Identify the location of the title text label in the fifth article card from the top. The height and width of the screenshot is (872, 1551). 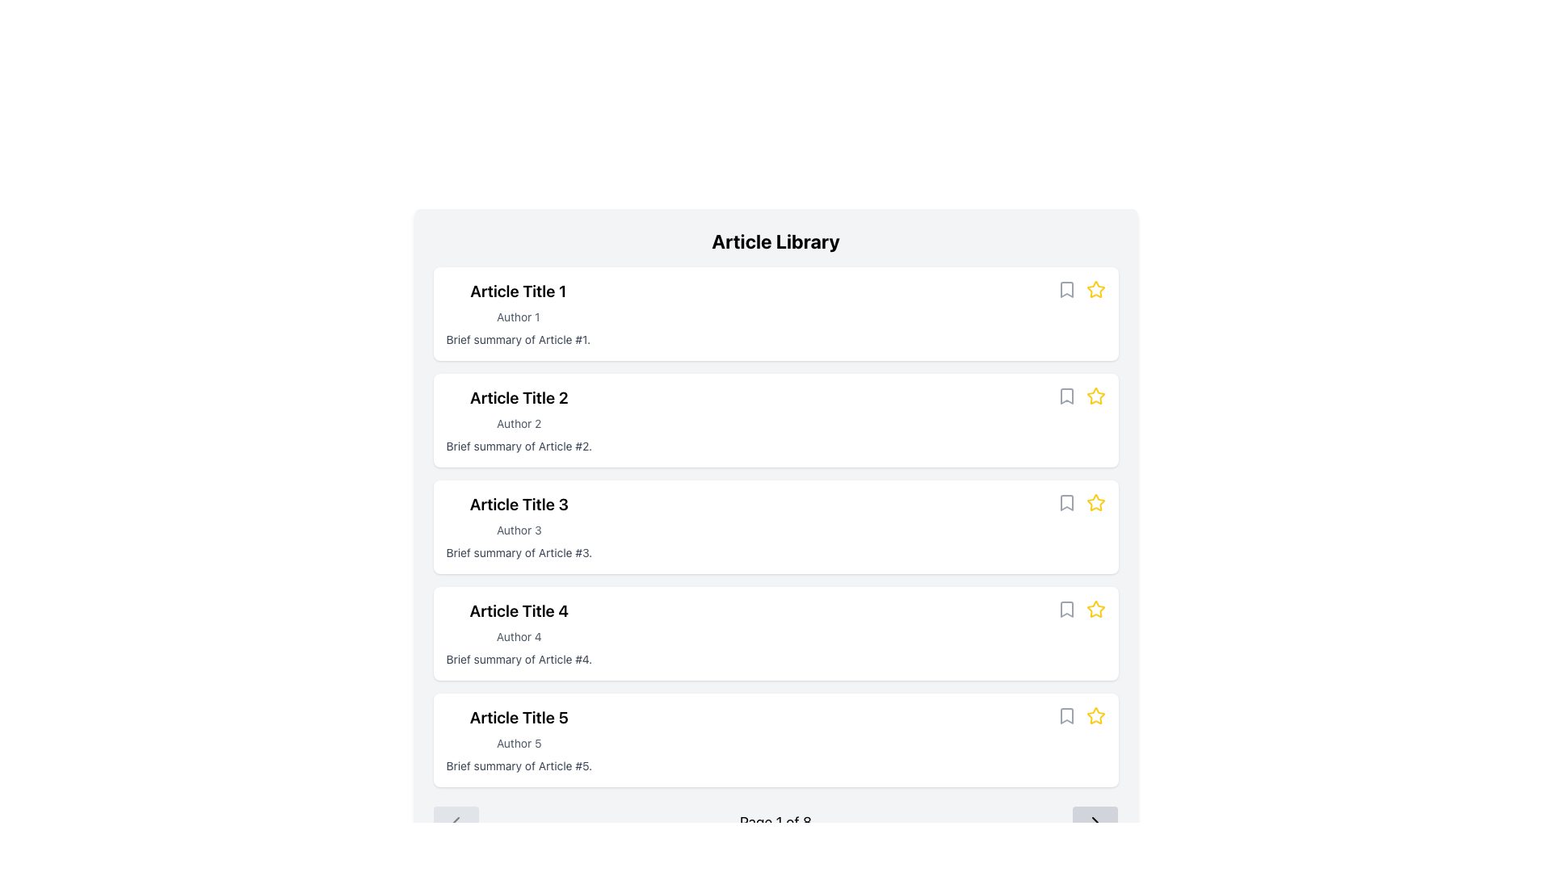
(519, 716).